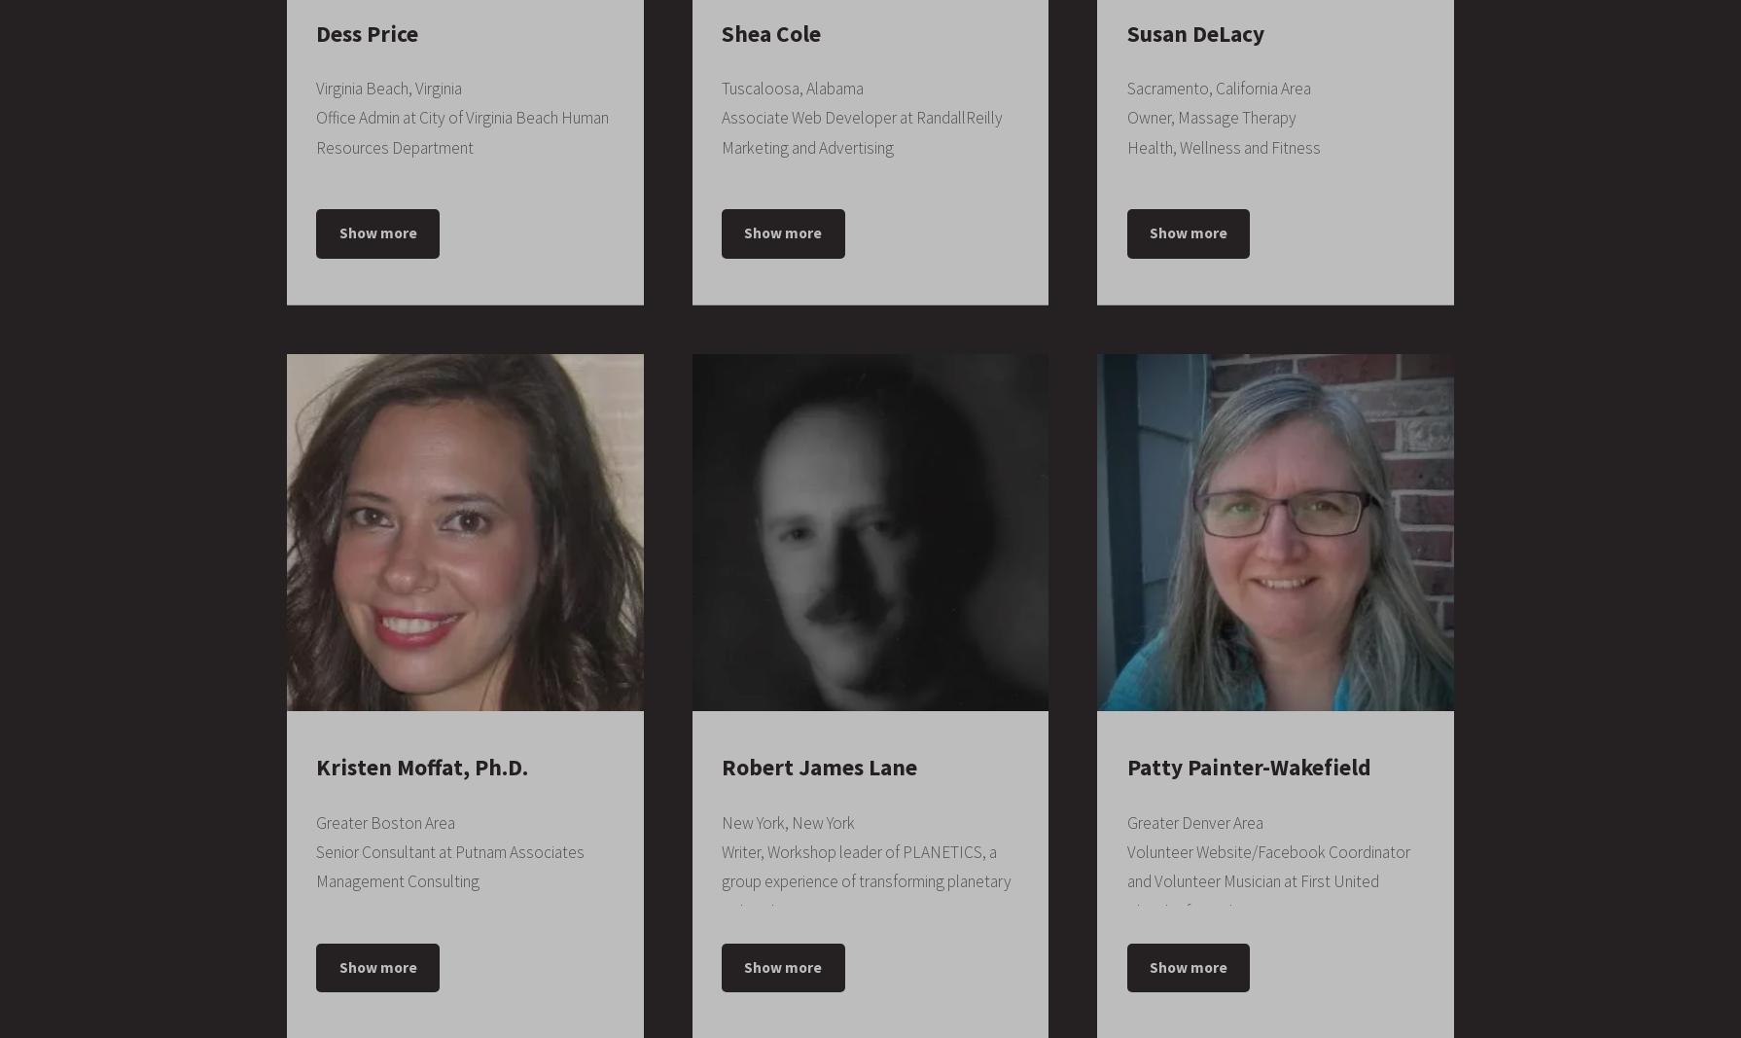 This screenshot has height=1038, width=1741. What do you see at coordinates (406, 32) in the screenshot?
I see `'University of Mount Olive'` at bounding box center [406, 32].